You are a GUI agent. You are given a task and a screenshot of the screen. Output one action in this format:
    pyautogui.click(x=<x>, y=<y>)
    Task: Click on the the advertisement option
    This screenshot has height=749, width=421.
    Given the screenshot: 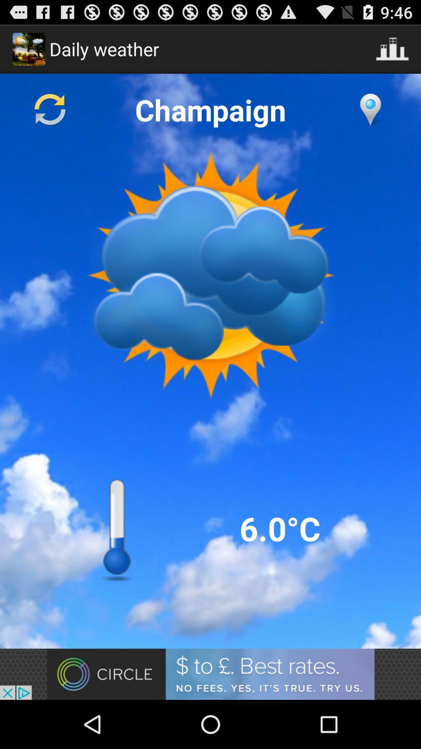 What is the action you would take?
    pyautogui.click(x=210, y=674)
    